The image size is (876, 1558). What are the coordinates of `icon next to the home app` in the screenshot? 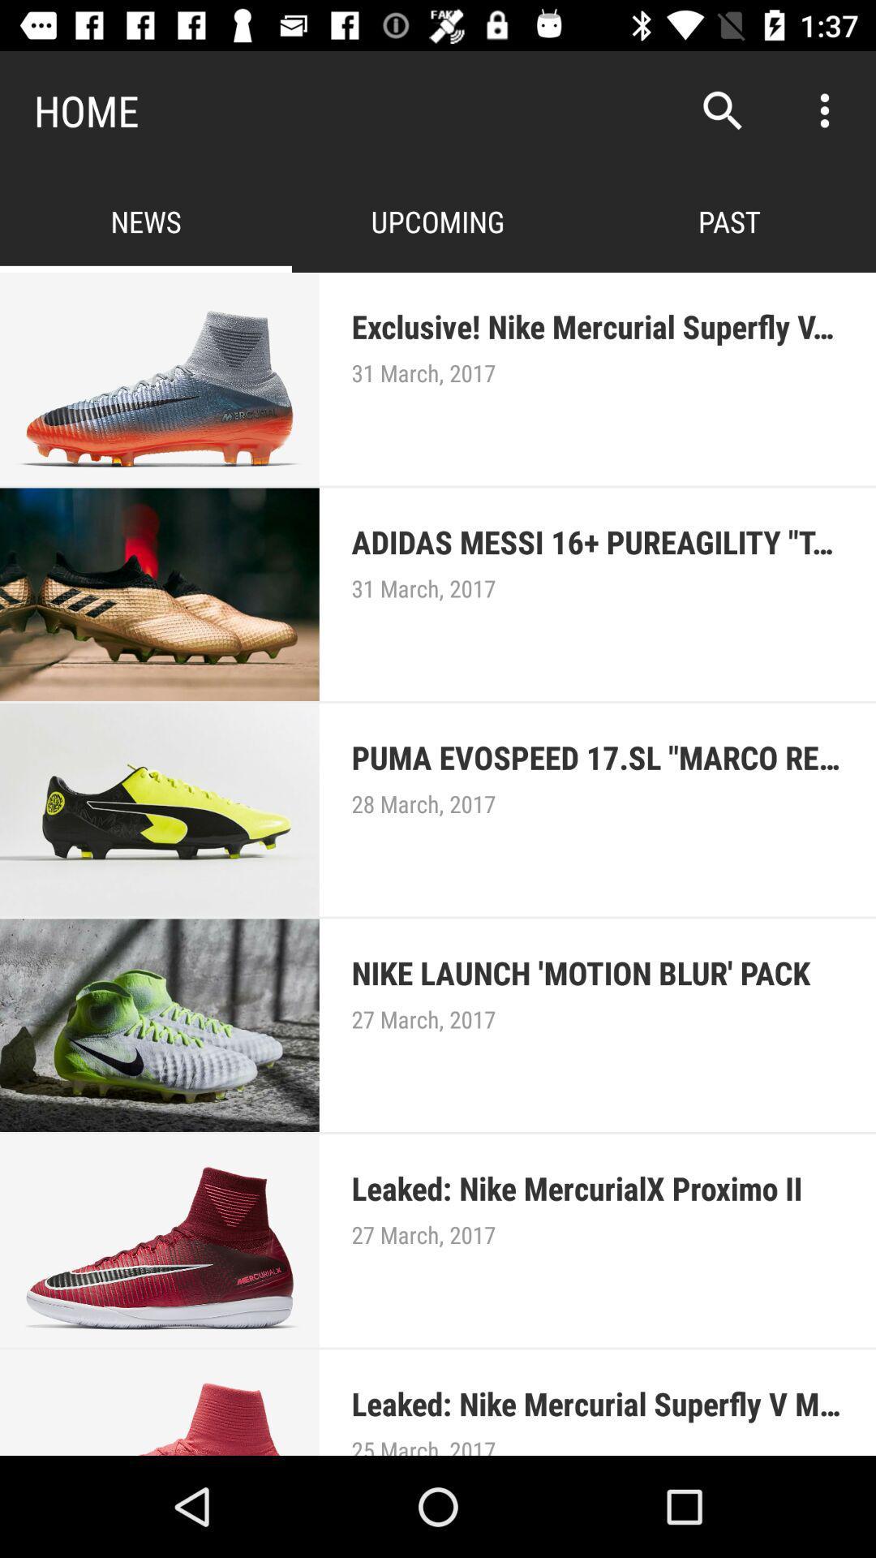 It's located at (722, 110).